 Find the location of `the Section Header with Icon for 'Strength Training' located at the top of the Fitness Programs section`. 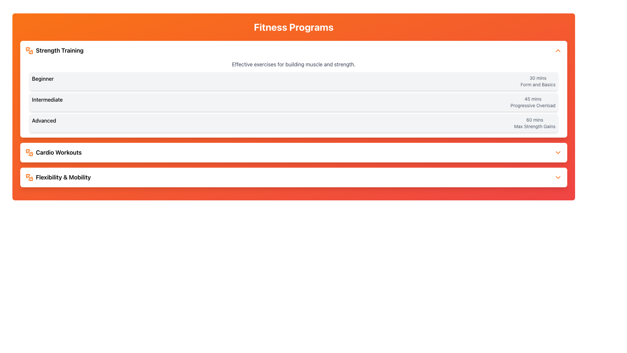

the Section Header with Icon for 'Strength Training' located at the top of the Fitness Programs section is located at coordinates (55, 50).